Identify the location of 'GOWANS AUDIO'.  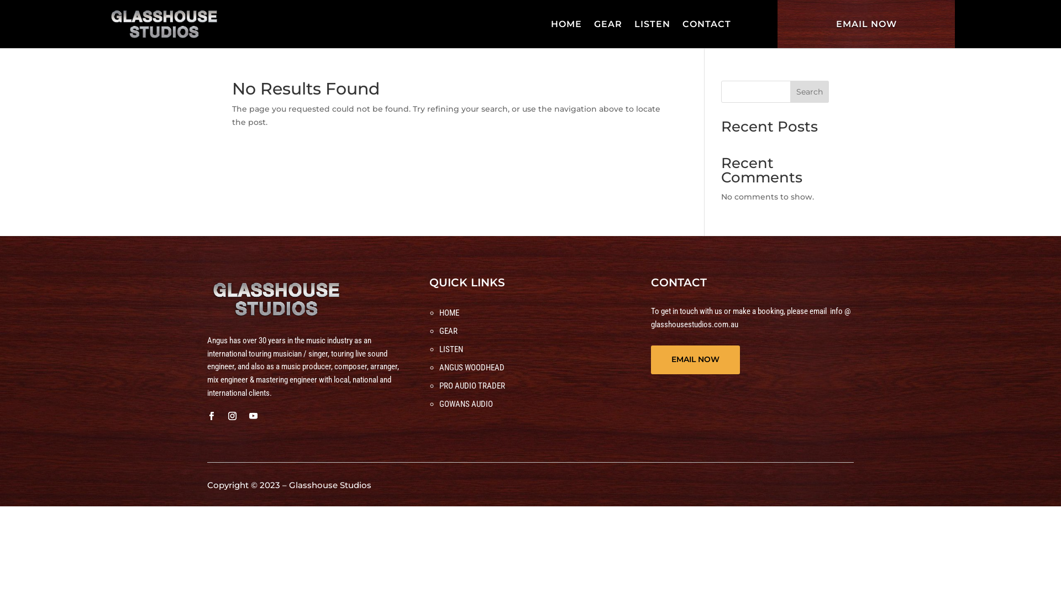
(466, 404).